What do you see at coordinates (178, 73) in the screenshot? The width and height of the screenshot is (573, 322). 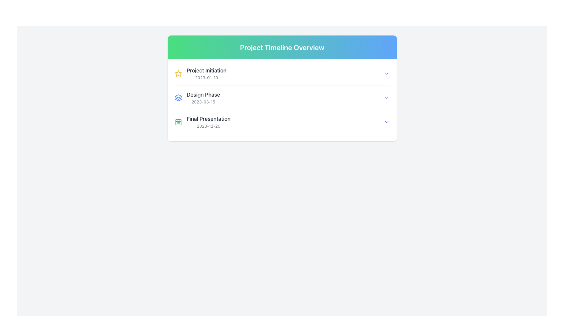 I see `the star-shaped icon with a yellow outline located near the text 'Project Initiation' and the date '2023-01-10'` at bounding box center [178, 73].